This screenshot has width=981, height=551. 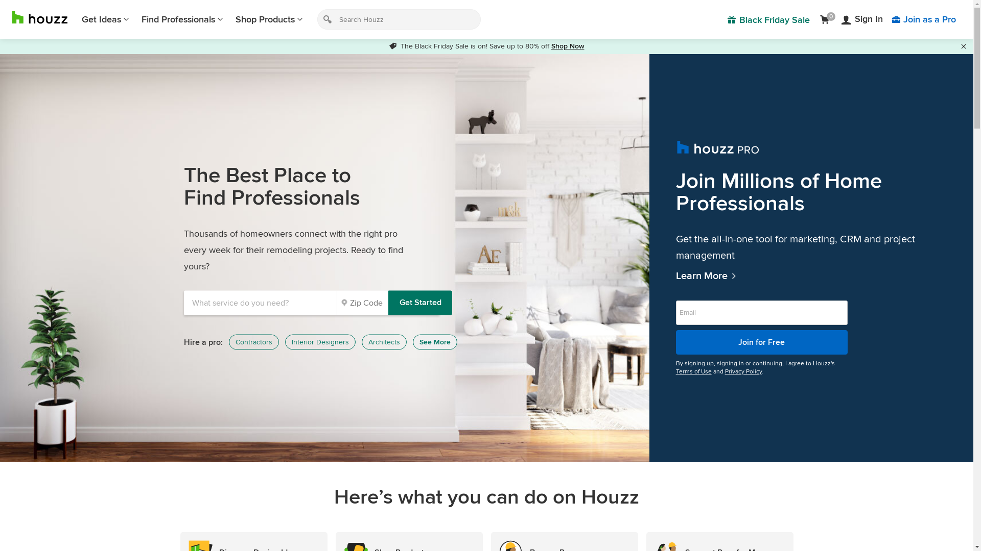 I want to click on 'Contractors', so click(x=254, y=342).